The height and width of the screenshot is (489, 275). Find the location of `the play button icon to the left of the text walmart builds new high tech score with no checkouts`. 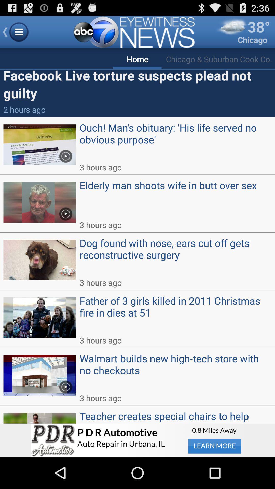

the play button icon to the left of the text walmart builds new high tech score with no checkouts is located at coordinates (65, 385).